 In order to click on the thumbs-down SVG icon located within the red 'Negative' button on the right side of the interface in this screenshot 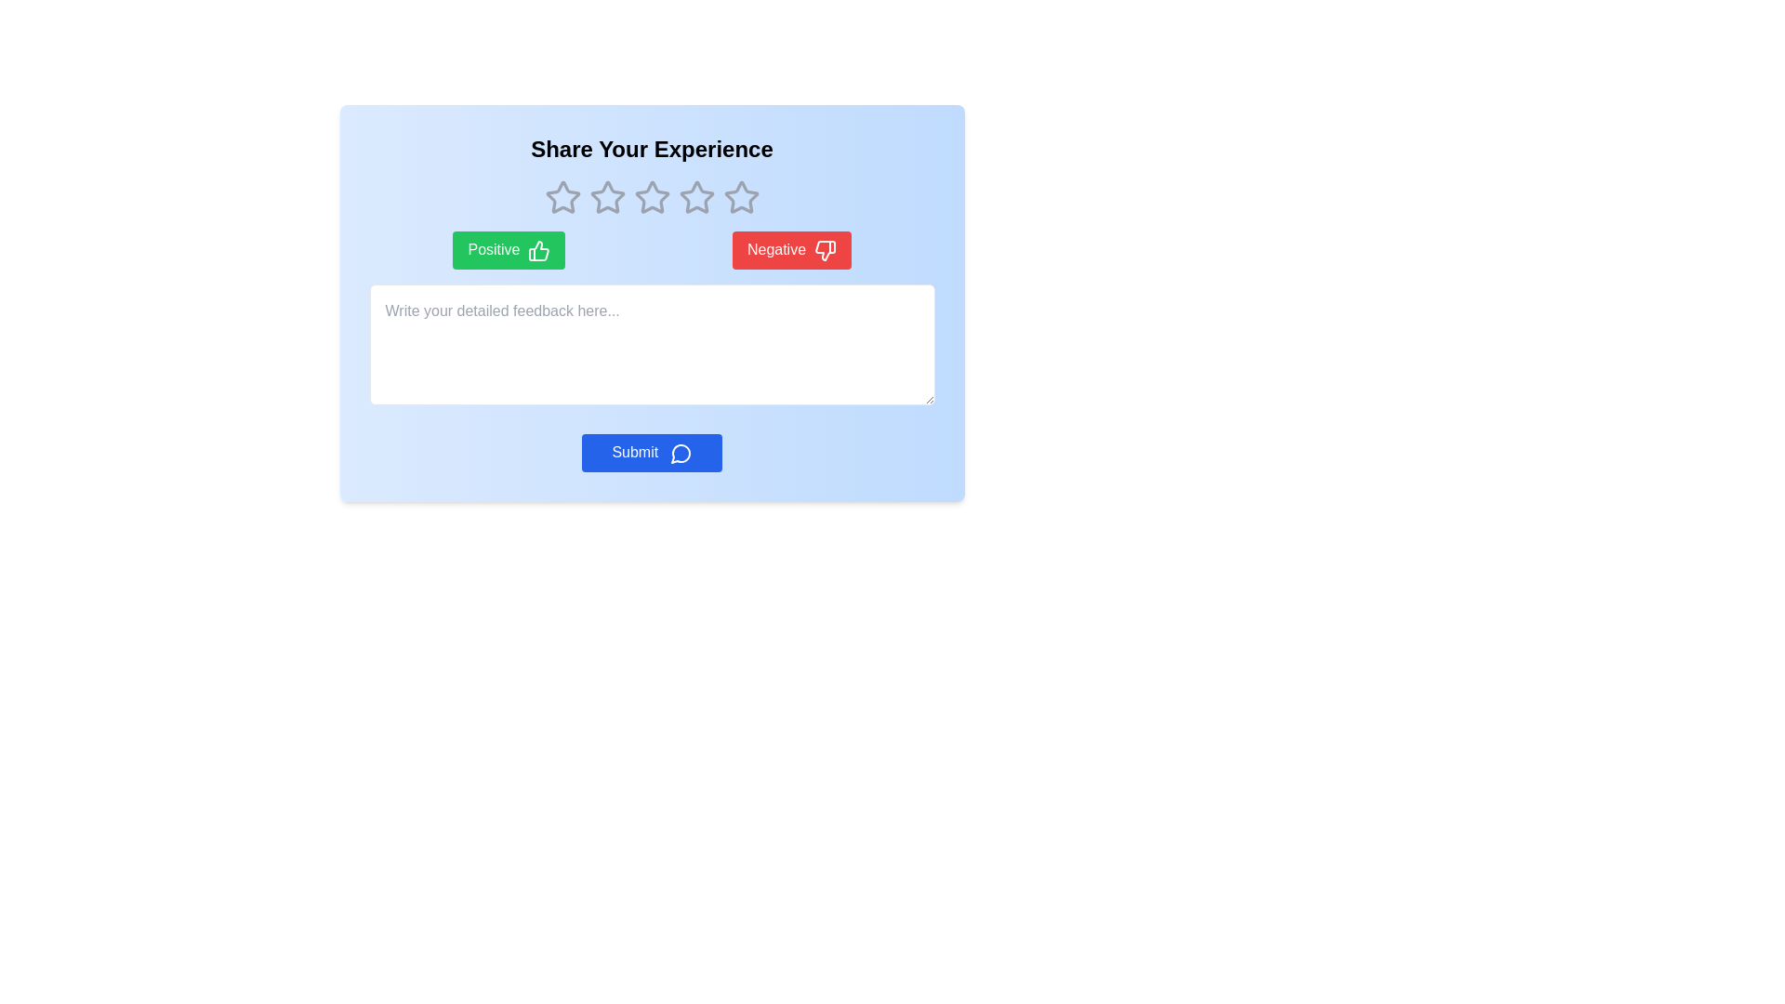, I will do `click(824, 249)`.